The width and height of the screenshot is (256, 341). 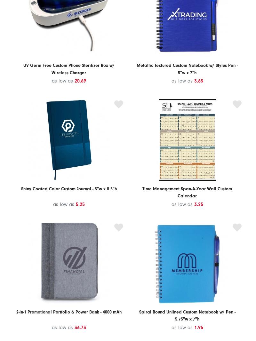 What do you see at coordinates (68, 312) in the screenshot?
I see `'2-in-1 Promotional Portfolio & Power Bank - 4000 mAh'` at bounding box center [68, 312].